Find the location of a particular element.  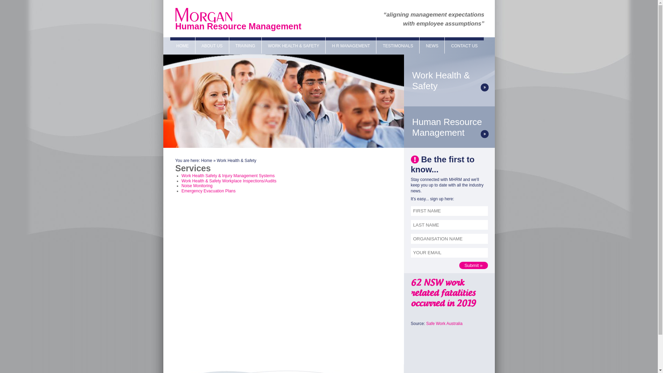

'Human Resource Management' is located at coordinates (449, 127).